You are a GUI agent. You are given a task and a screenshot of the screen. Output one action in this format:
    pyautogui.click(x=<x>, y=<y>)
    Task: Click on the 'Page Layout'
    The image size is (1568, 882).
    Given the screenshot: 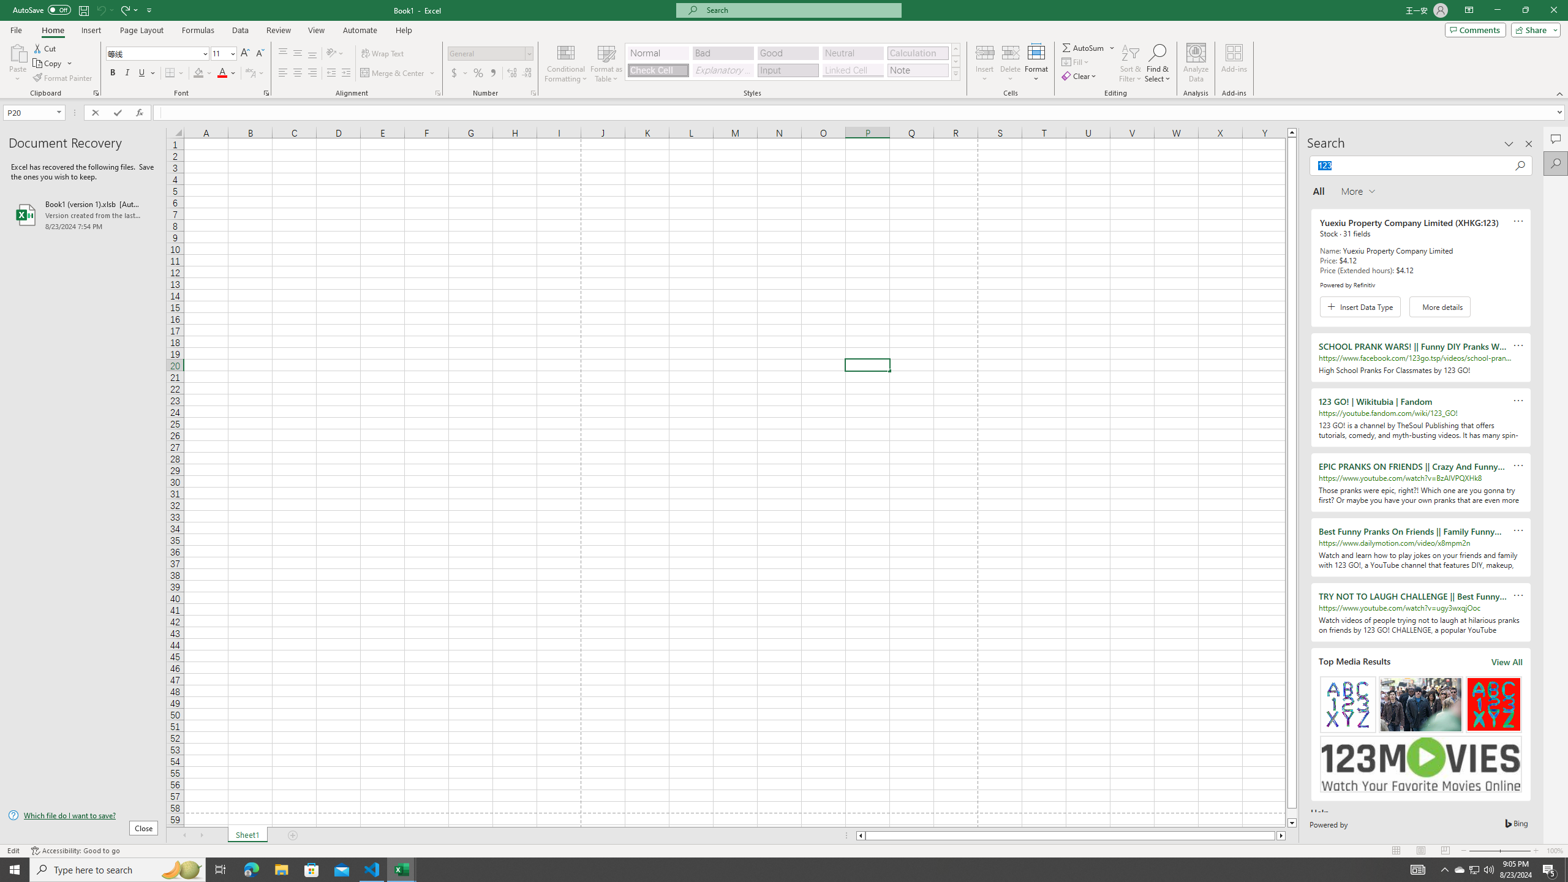 What is the action you would take?
    pyautogui.click(x=141, y=30)
    